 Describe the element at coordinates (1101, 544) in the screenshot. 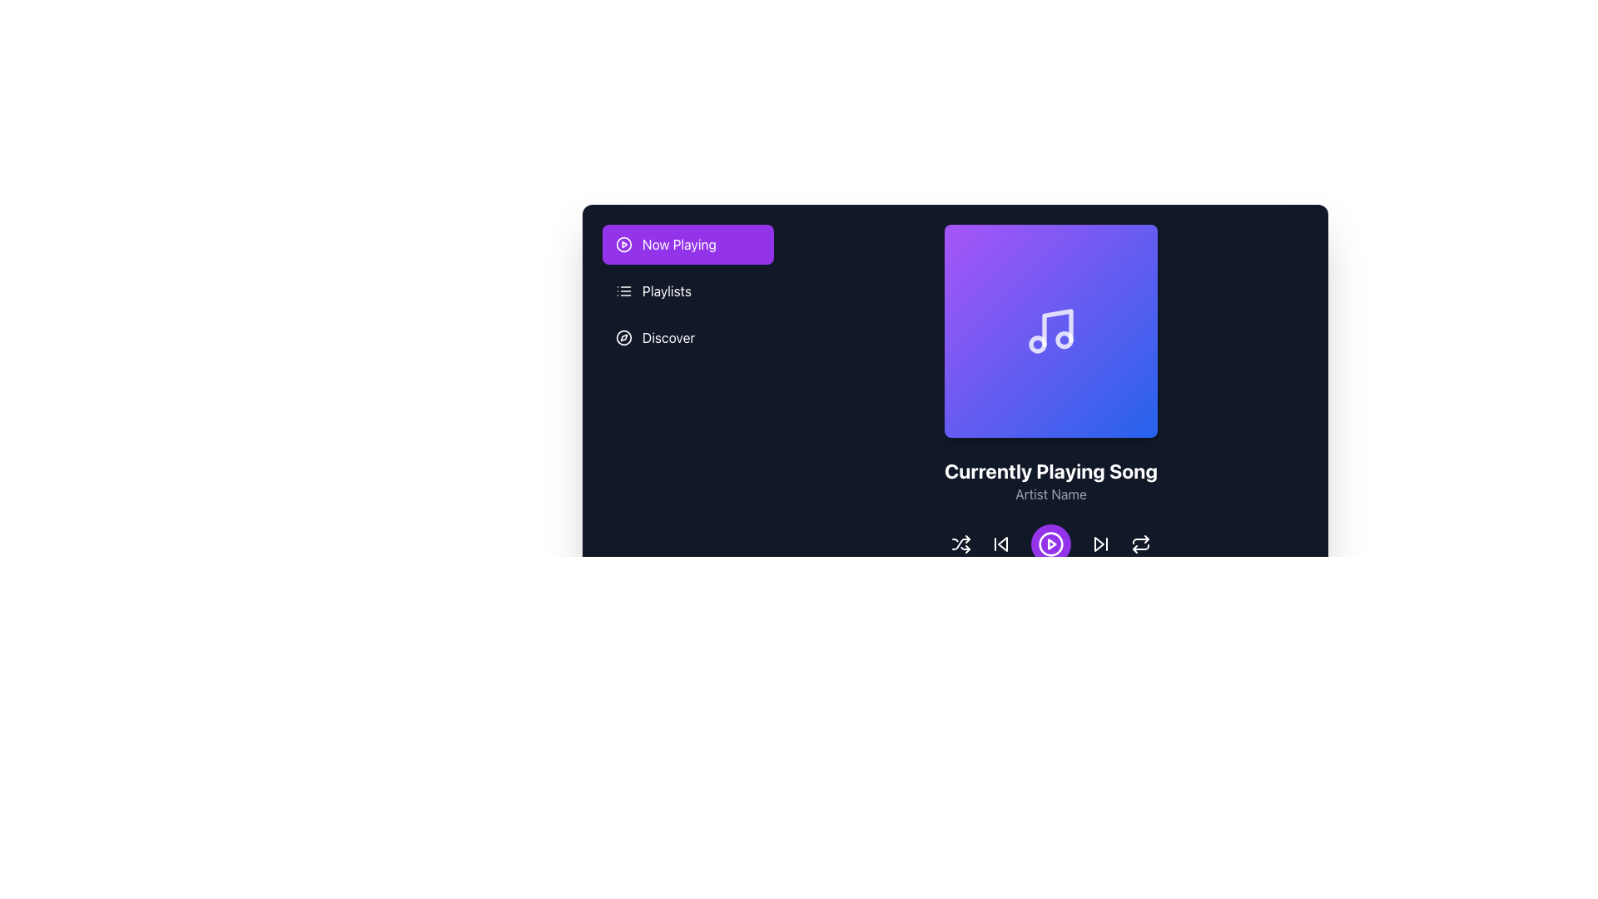

I see `the forward-skip button, which features a triangular forward arrow on a navy blue background, to trigger the color change effect to purple` at that location.